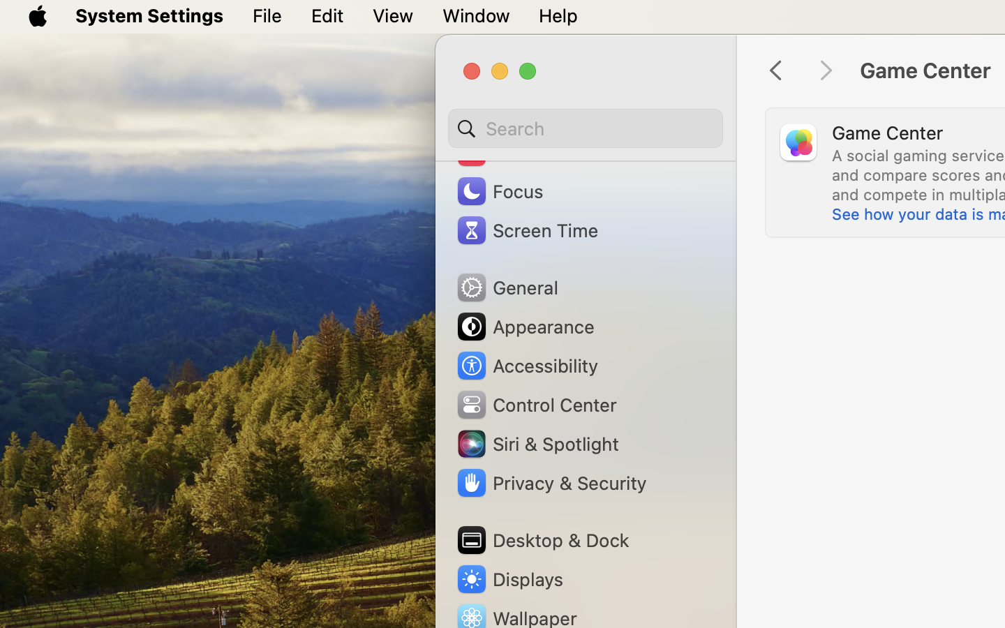  I want to click on 'Control Center', so click(535, 404).